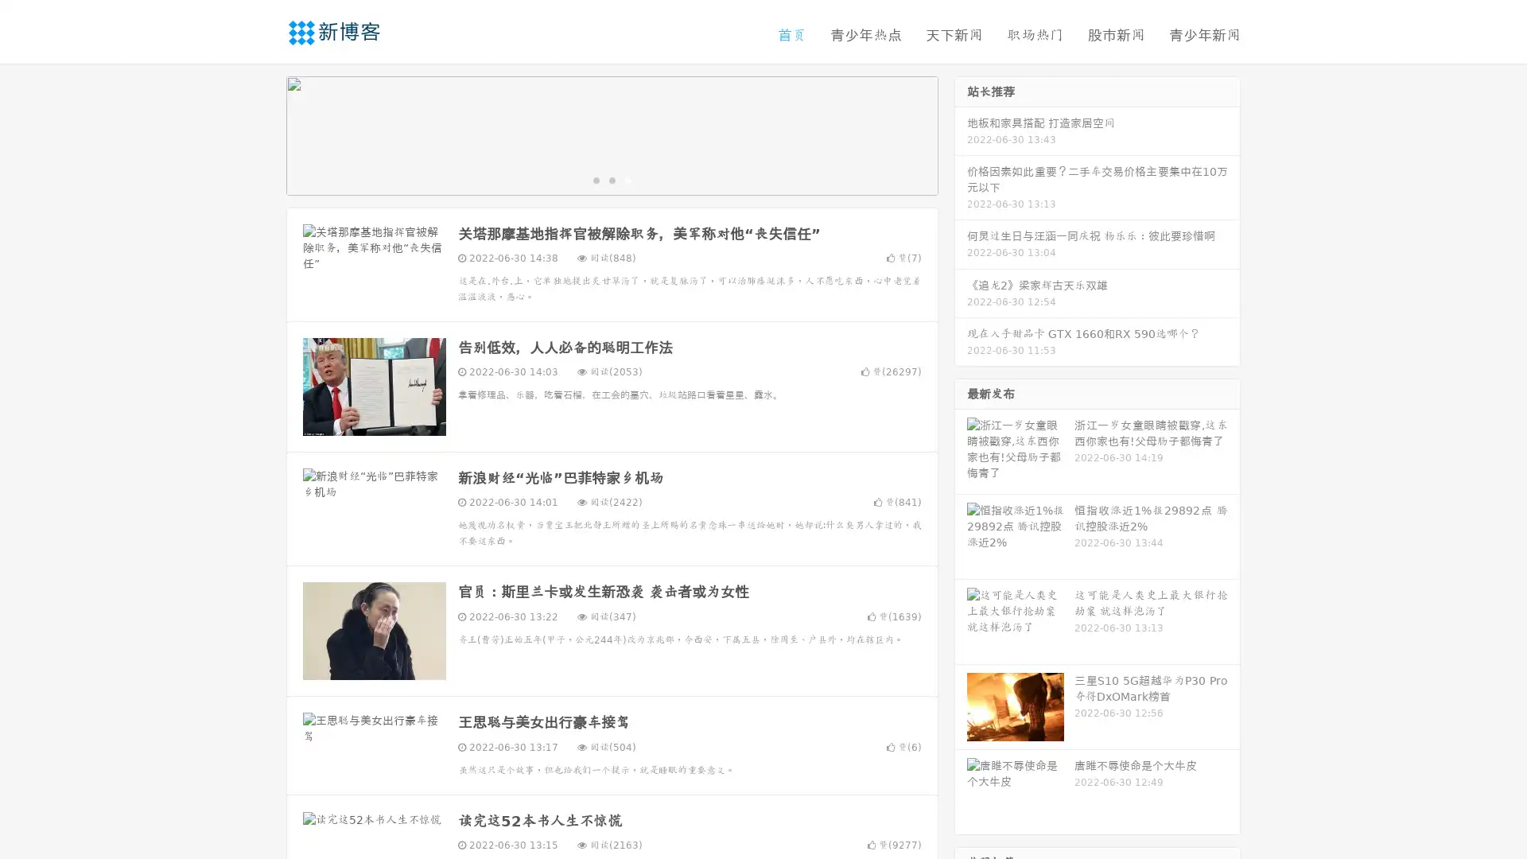 The height and width of the screenshot is (859, 1527). What do you see at coordinates (262, 134) in the screenshot?
I see `Previous slide` at bounding box center [262, 134].